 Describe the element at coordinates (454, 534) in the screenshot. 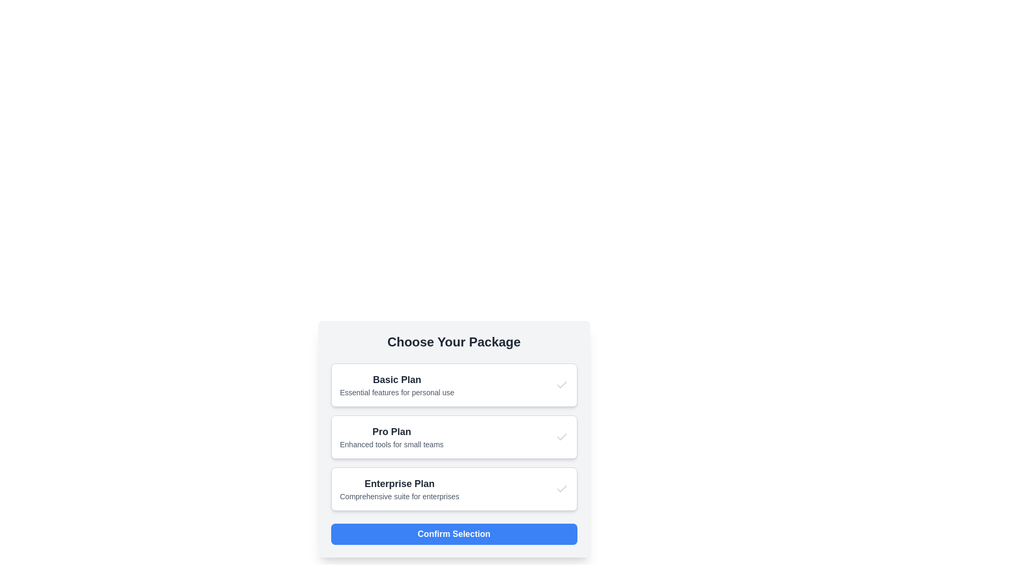

I see `the confirm button located at the bottom of the 'Choose Your Package' section to confirm the user's selection from the package options` at that location.